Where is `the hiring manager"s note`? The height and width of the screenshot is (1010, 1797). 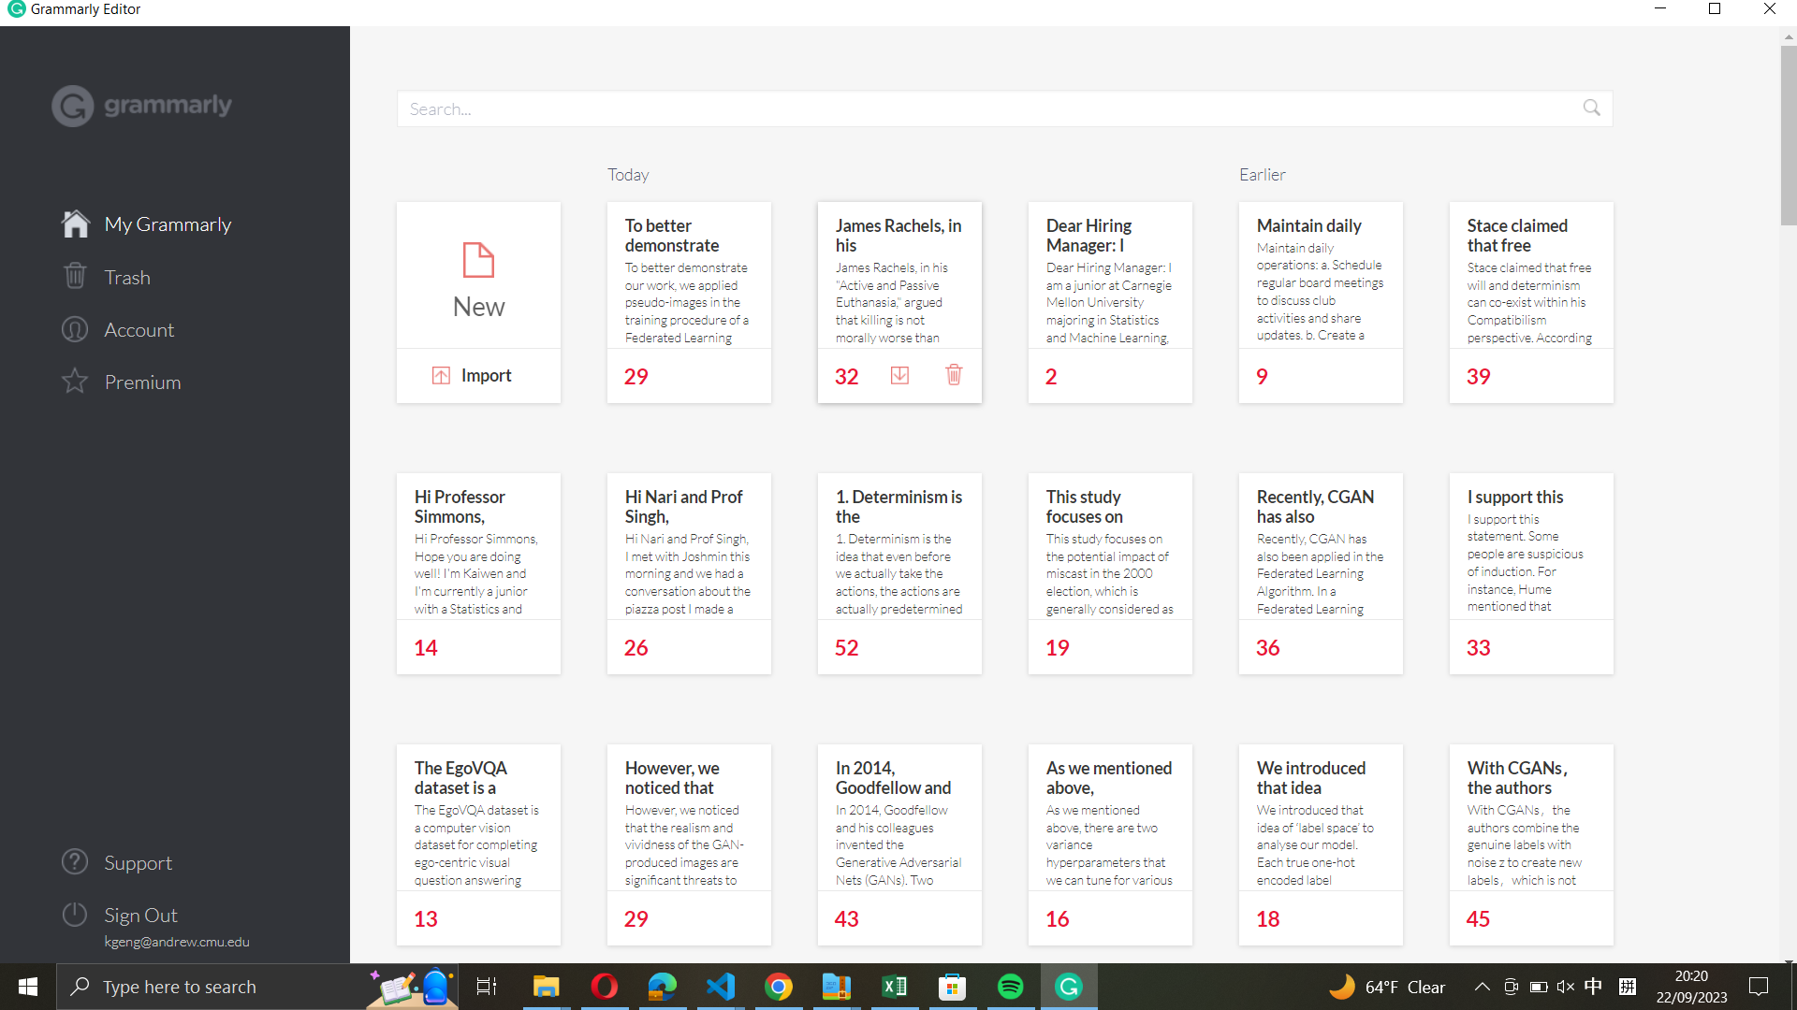 the hiring manager"s note is located at coordinates (1110, 276).